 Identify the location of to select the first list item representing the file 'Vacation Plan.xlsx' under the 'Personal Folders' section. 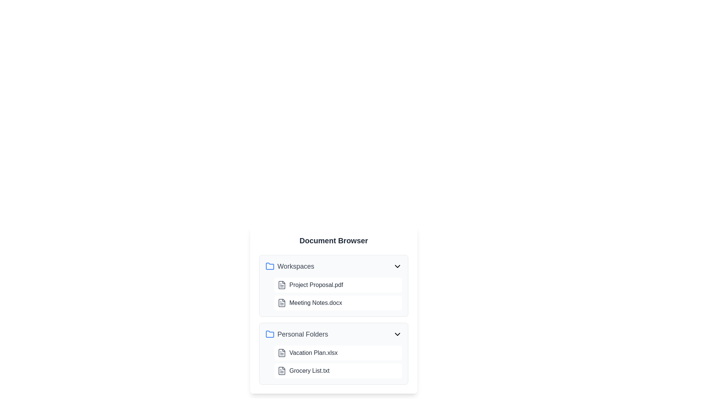
(338, 353).